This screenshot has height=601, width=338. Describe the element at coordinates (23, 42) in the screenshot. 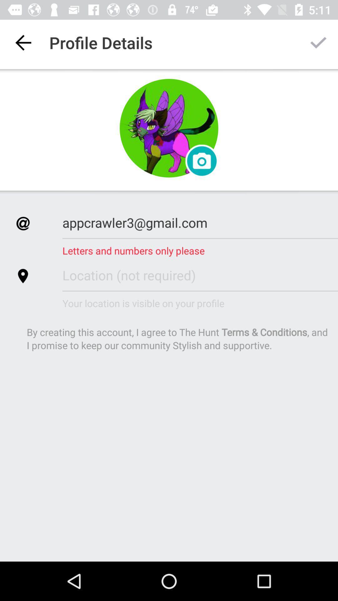

I see `previous` at that location.